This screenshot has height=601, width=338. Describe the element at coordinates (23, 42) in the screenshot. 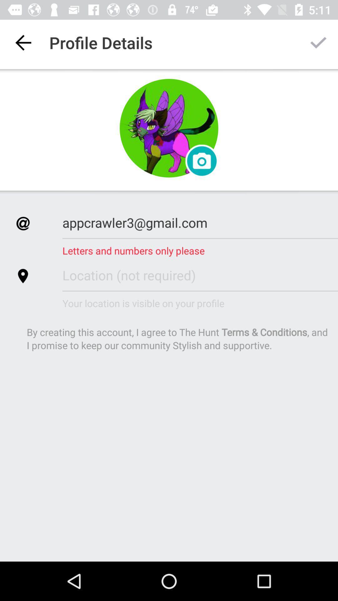

I see `previous` at that location.